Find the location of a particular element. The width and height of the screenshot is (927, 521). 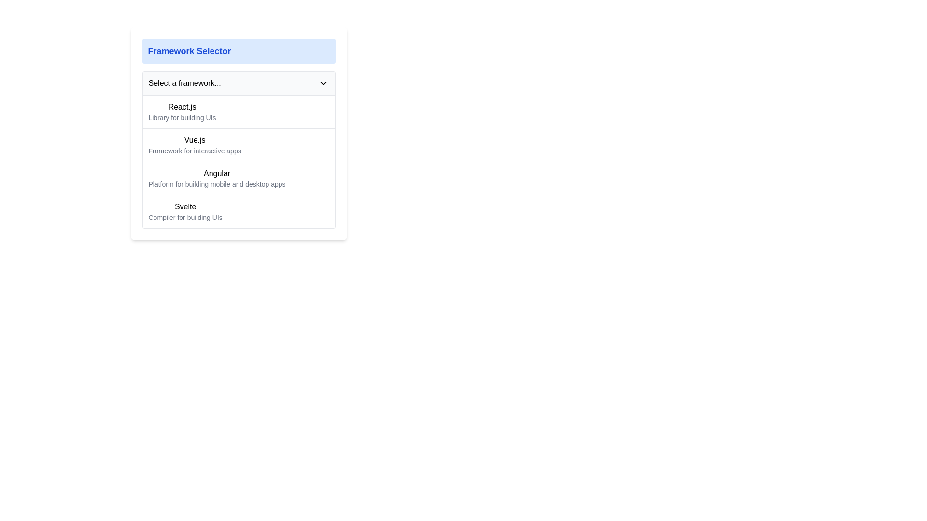

the second selectable list item representing 'Vue.js' in the framework selector is located at coordinates (239, 134).